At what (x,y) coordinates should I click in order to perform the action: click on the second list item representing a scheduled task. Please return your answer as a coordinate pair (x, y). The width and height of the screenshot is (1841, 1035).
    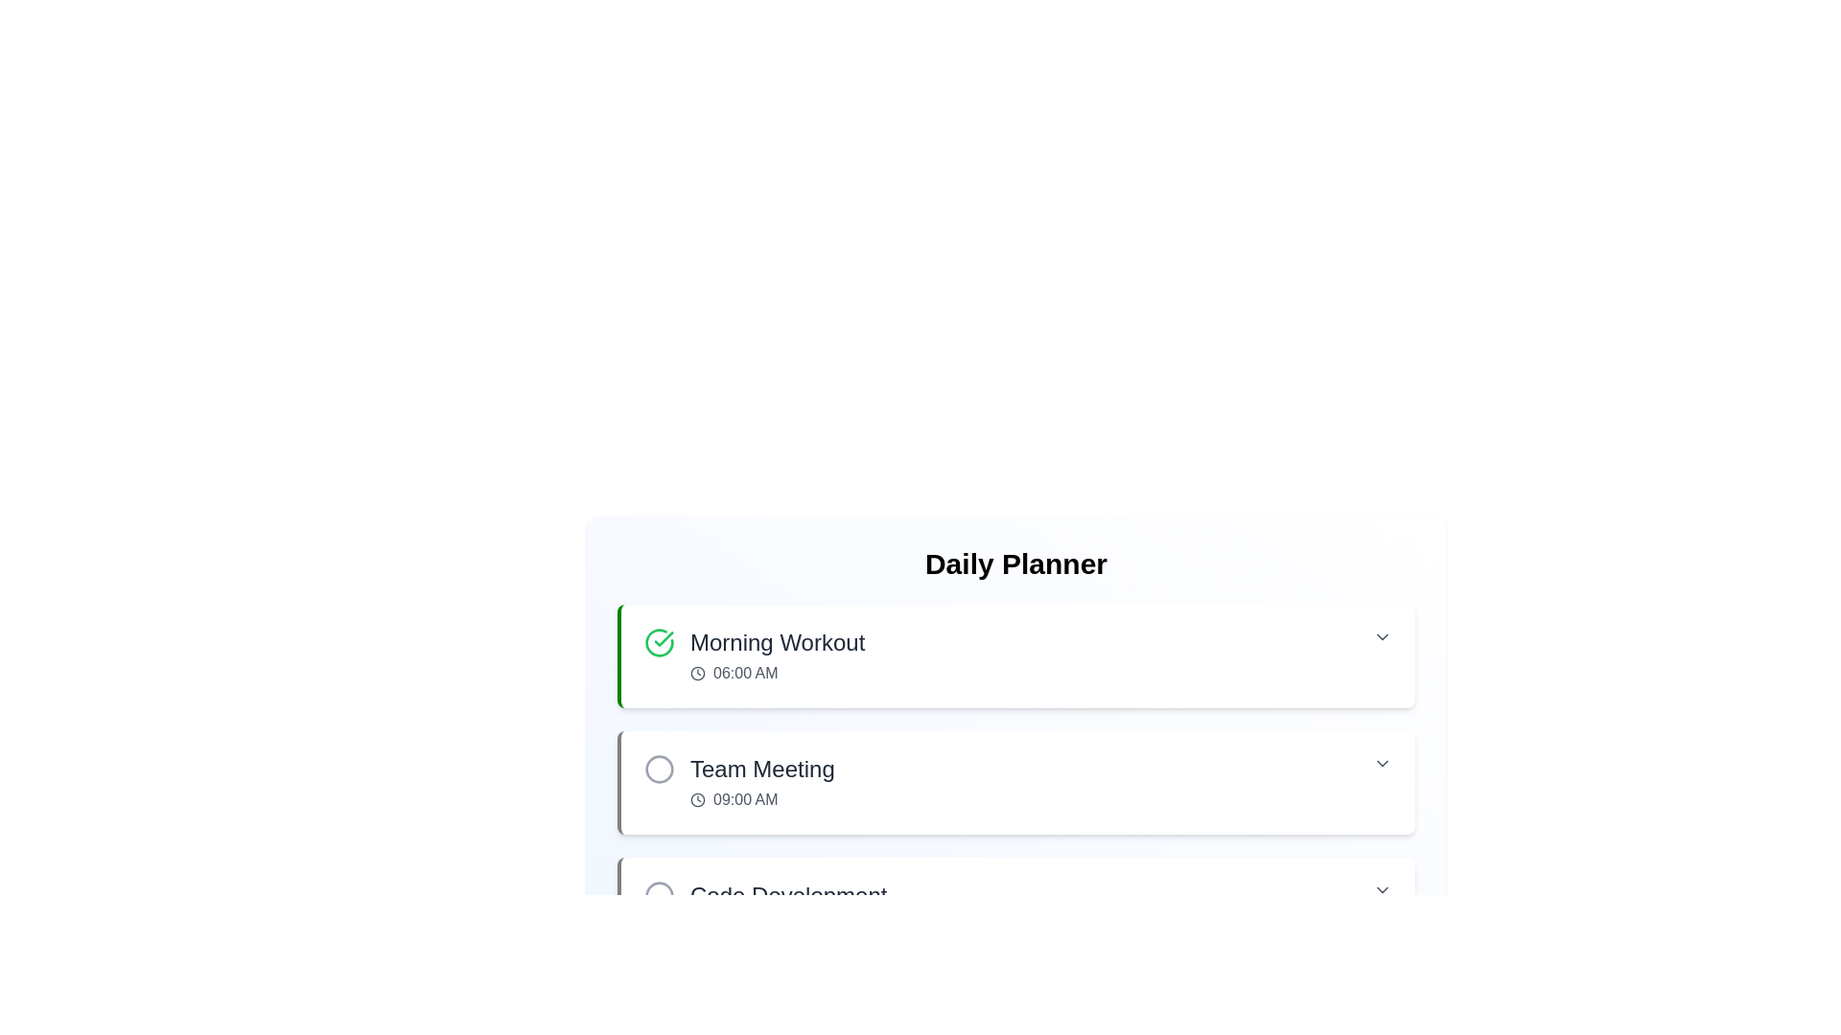
    Looking at the image, I should click on (1015, 783).